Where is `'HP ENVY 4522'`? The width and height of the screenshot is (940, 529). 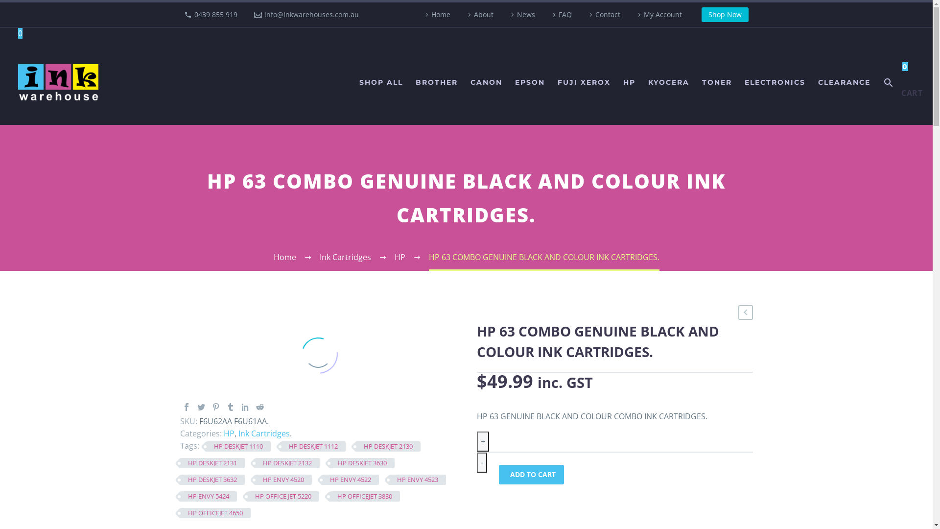
'HP ENVY 4522' is located at coordinates (322, 479).